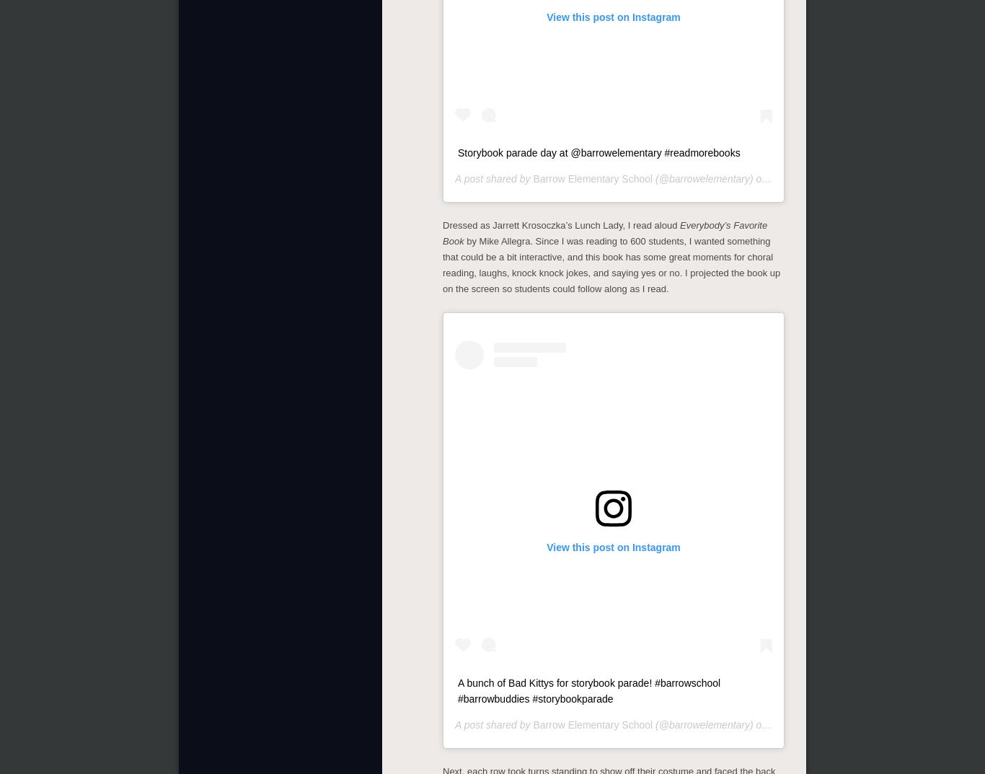 The height and width of the screenshot is (774, 985). Describe the element at coordinates (588, 690) in the screenshot. I see `'A bunch of Bad Kittys for storybook parade! #barrowschool #barrowbuddies #storybookparade'` at that location.